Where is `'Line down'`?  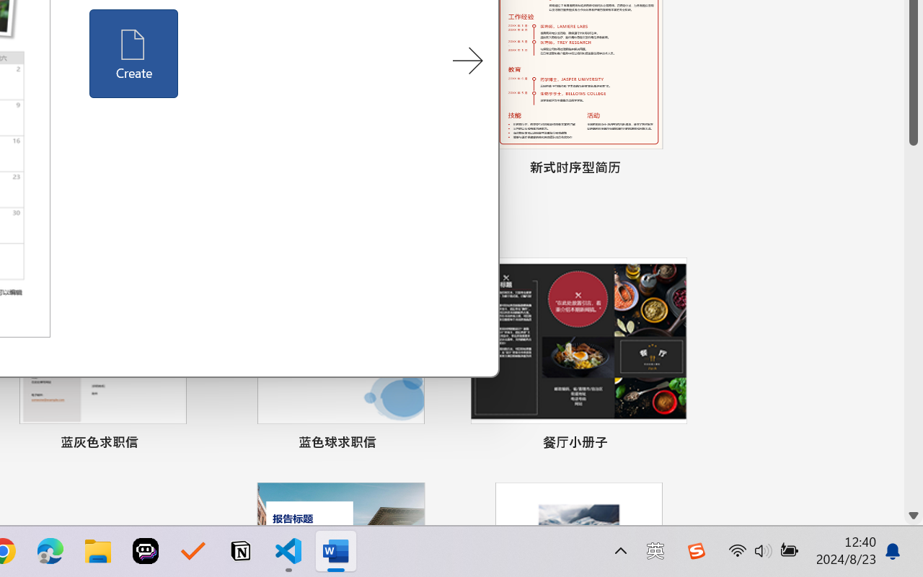
'Line down' is located at coordinates (913, 515).